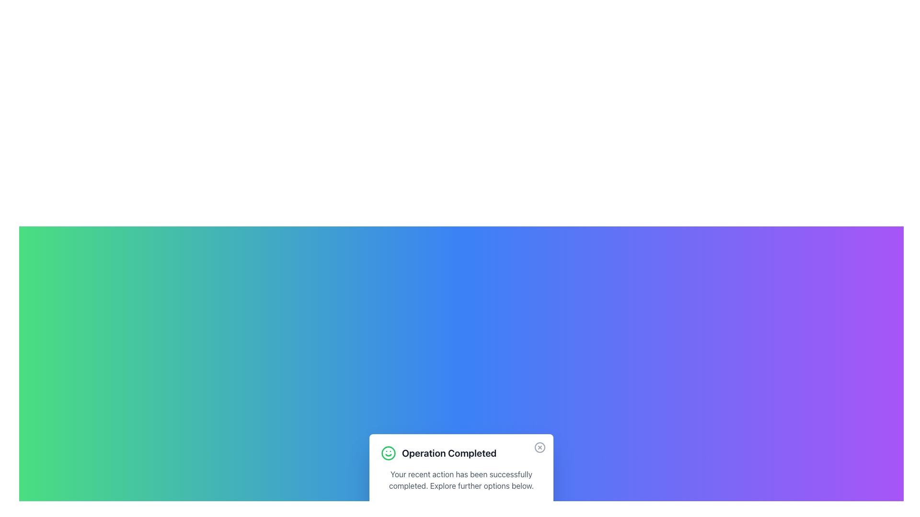  What do you see at coordinates (389, 453) in the screenshot?
I see `the circular smiling face icon with a green outline, located to the left of the text 'Operation Completed'` at bounding box center [389, 453].